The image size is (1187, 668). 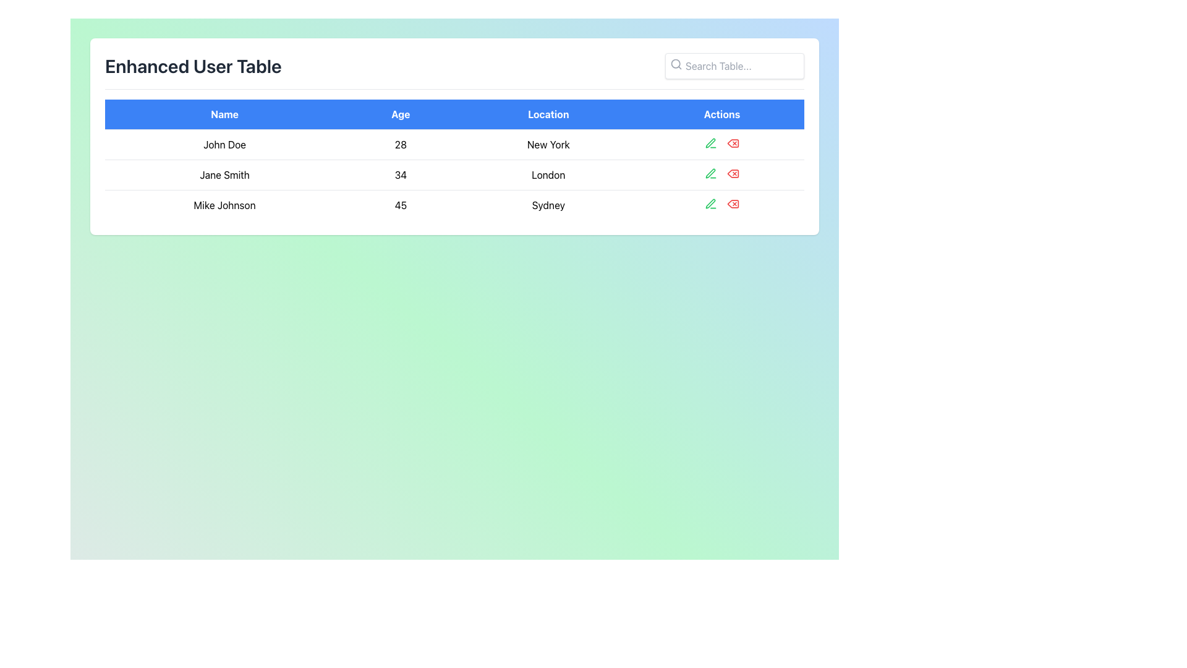 What do you see at coordinates (401, 144) in the screenshot?
I see `the text element displaying the number '28' in the 'Age' column of the first row in the table` at bounding box center [401, 144].